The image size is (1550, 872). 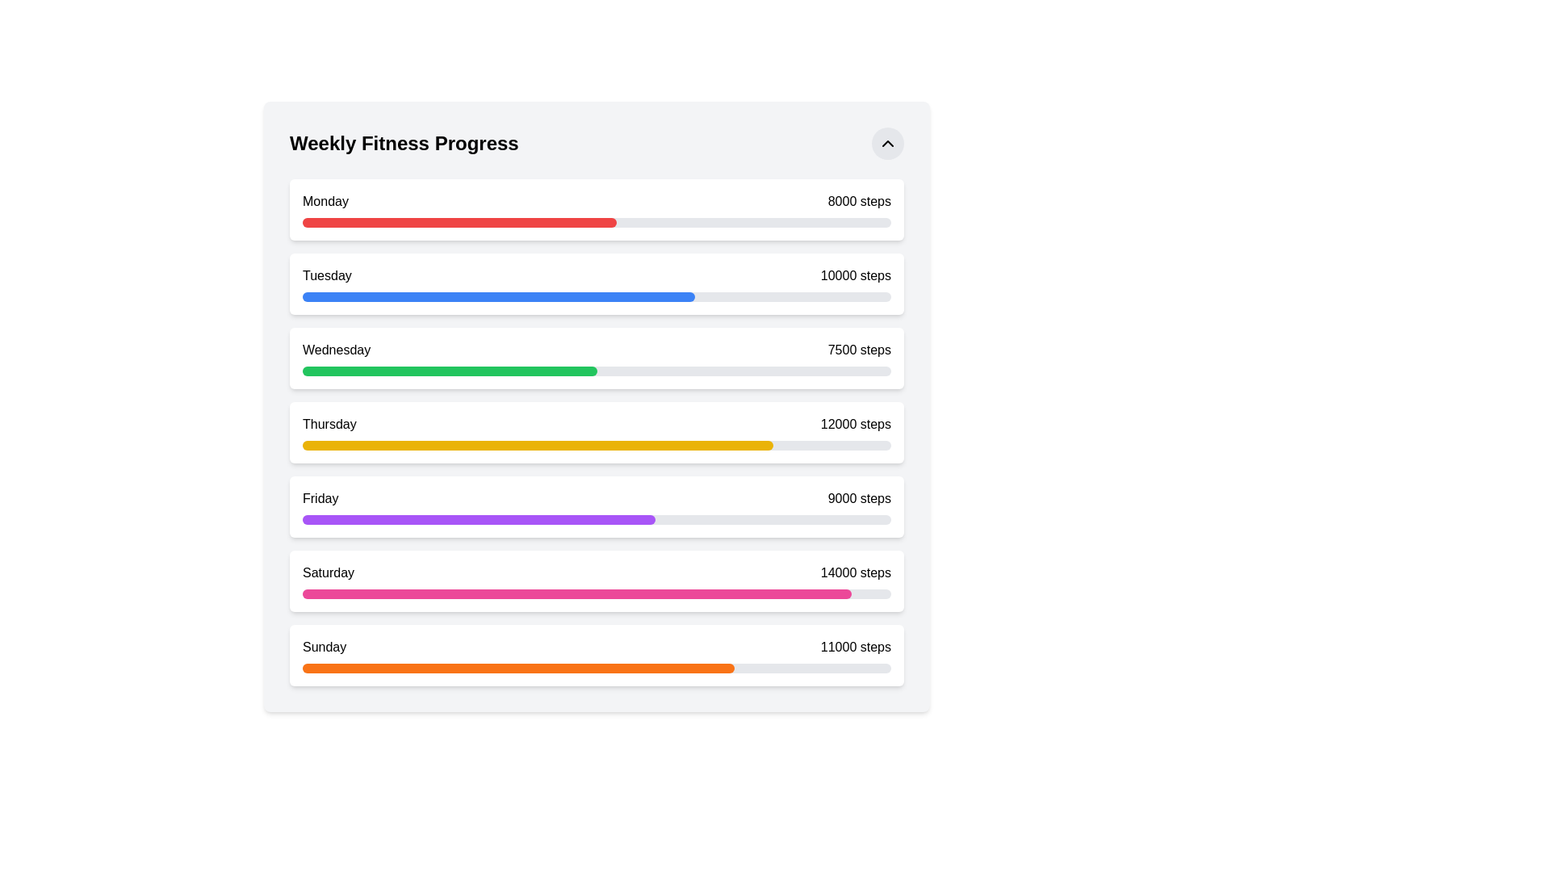 What do you see at coordinates (328, 572) in the screenshot?
I see `the 'Saturday' text label in the weekly progress interface to emphasize it` at bounding box center [328, 572].